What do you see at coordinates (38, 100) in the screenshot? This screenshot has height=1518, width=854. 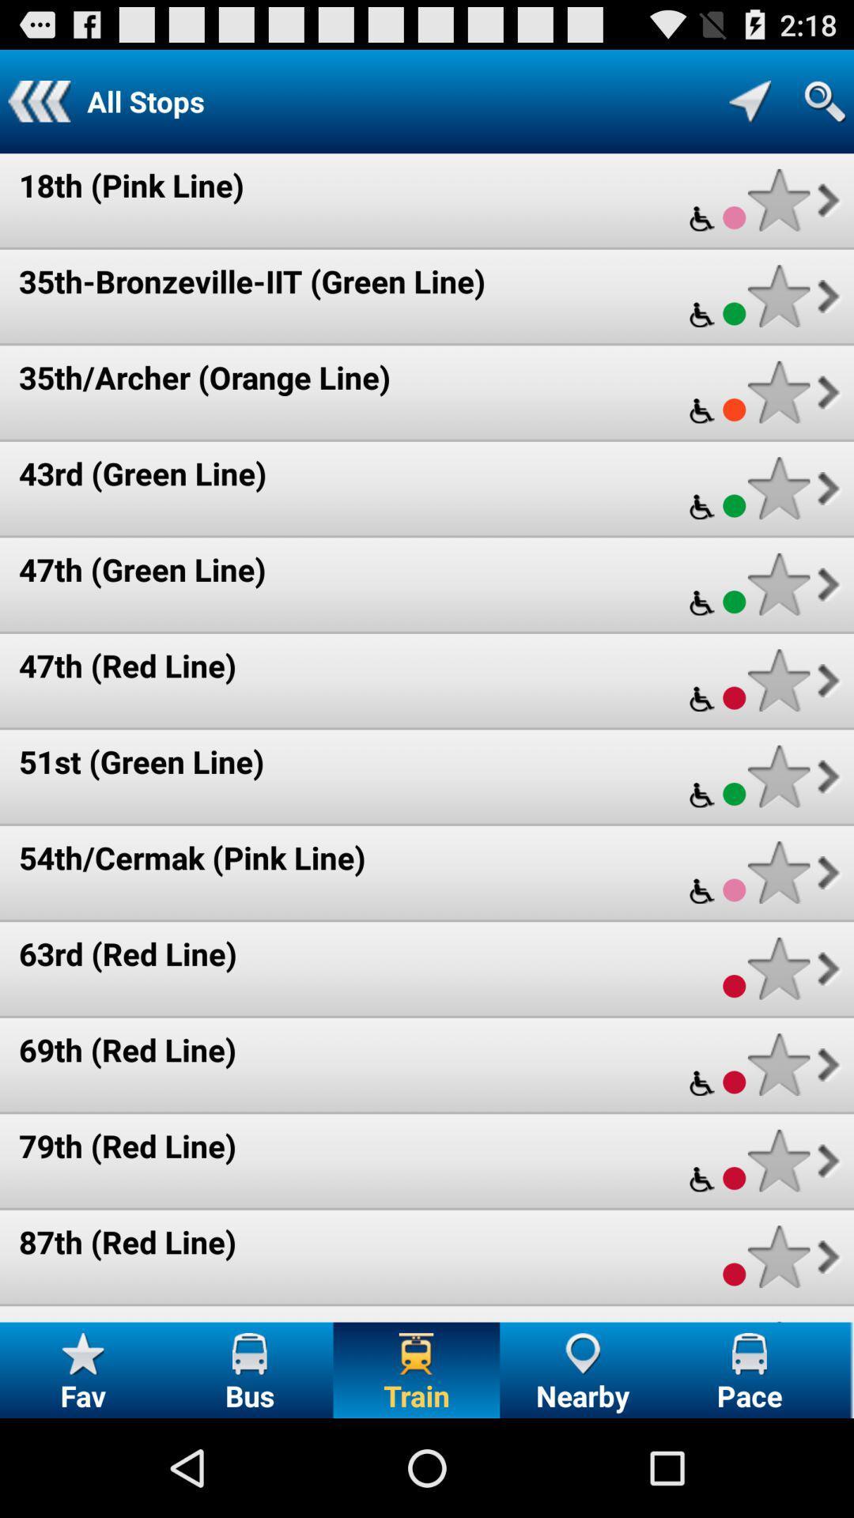 I see `previous menu` at bounding box center [38, 100].